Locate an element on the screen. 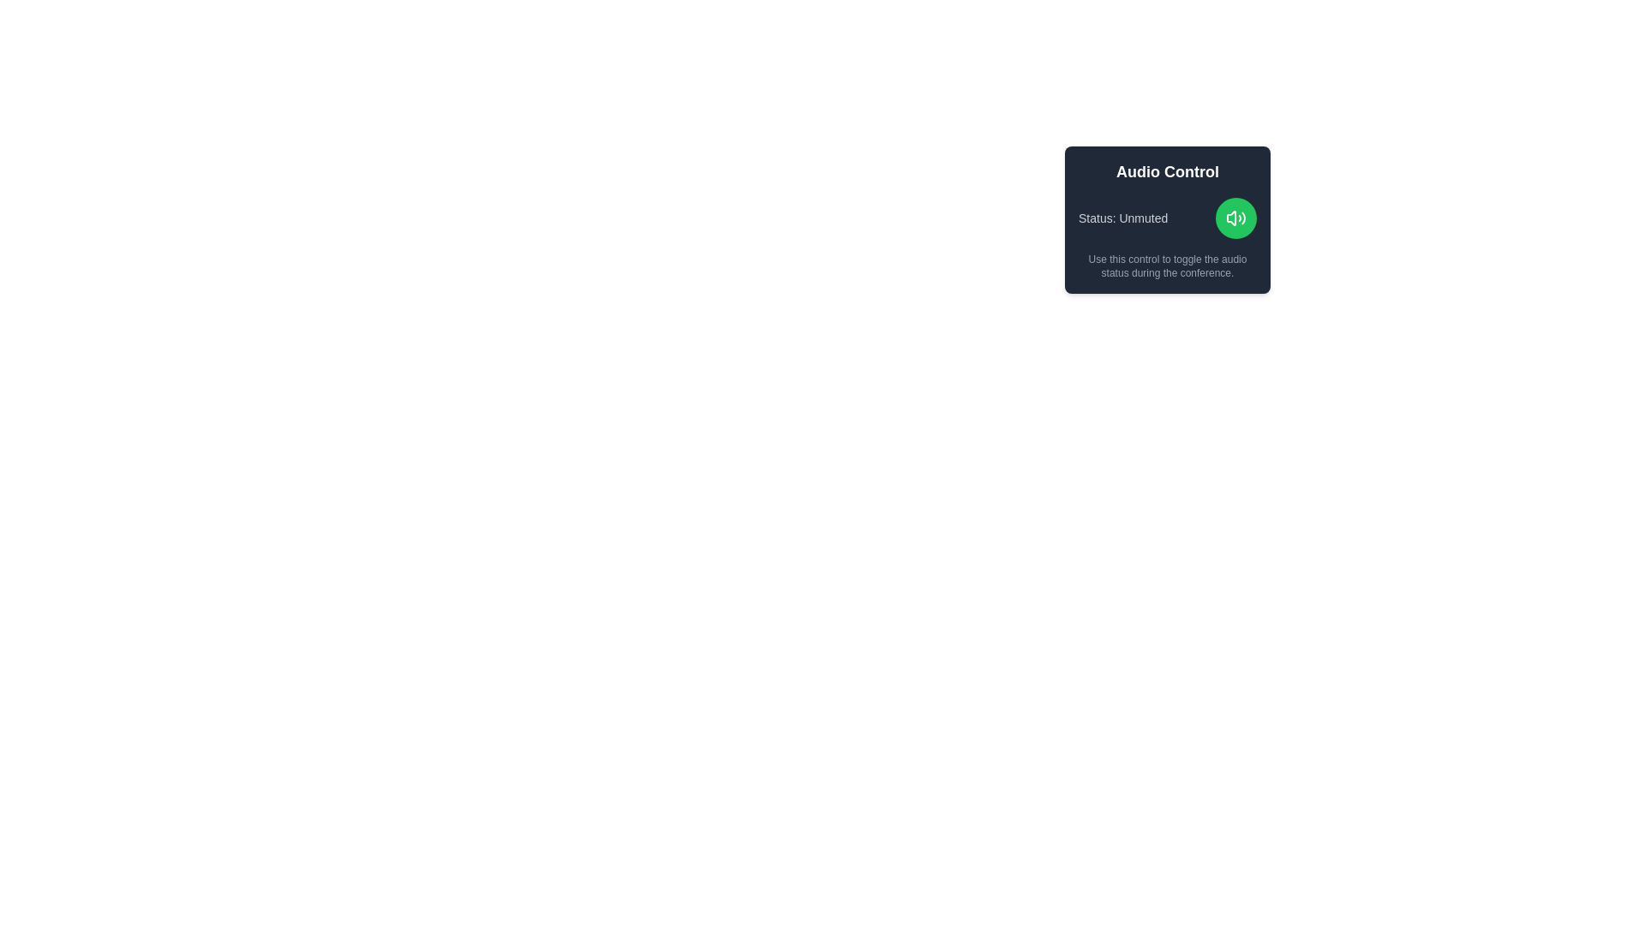 The width and height of the screenshot is (1645, 925). the text label displaying 'Status: Unmuted', which is positioned to the left of the green circular button with a volume icon in the 'Audio Control' card is located at coordinates (1123, 217).